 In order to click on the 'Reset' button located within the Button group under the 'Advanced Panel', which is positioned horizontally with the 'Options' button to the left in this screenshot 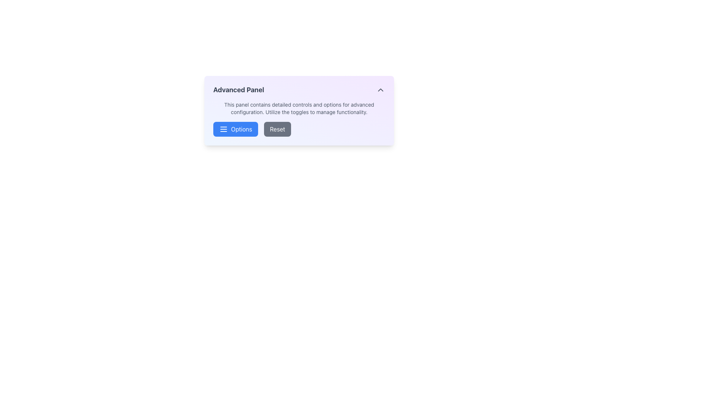, I will do `click(299, 129)`.